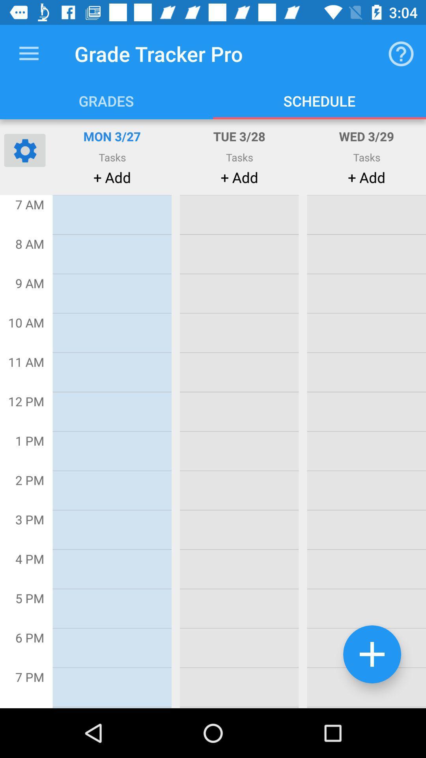 This screenshot has height=758, width=426. Describe the element at coordinates (372, 654) in the screenshot. I see `more option` at that location.